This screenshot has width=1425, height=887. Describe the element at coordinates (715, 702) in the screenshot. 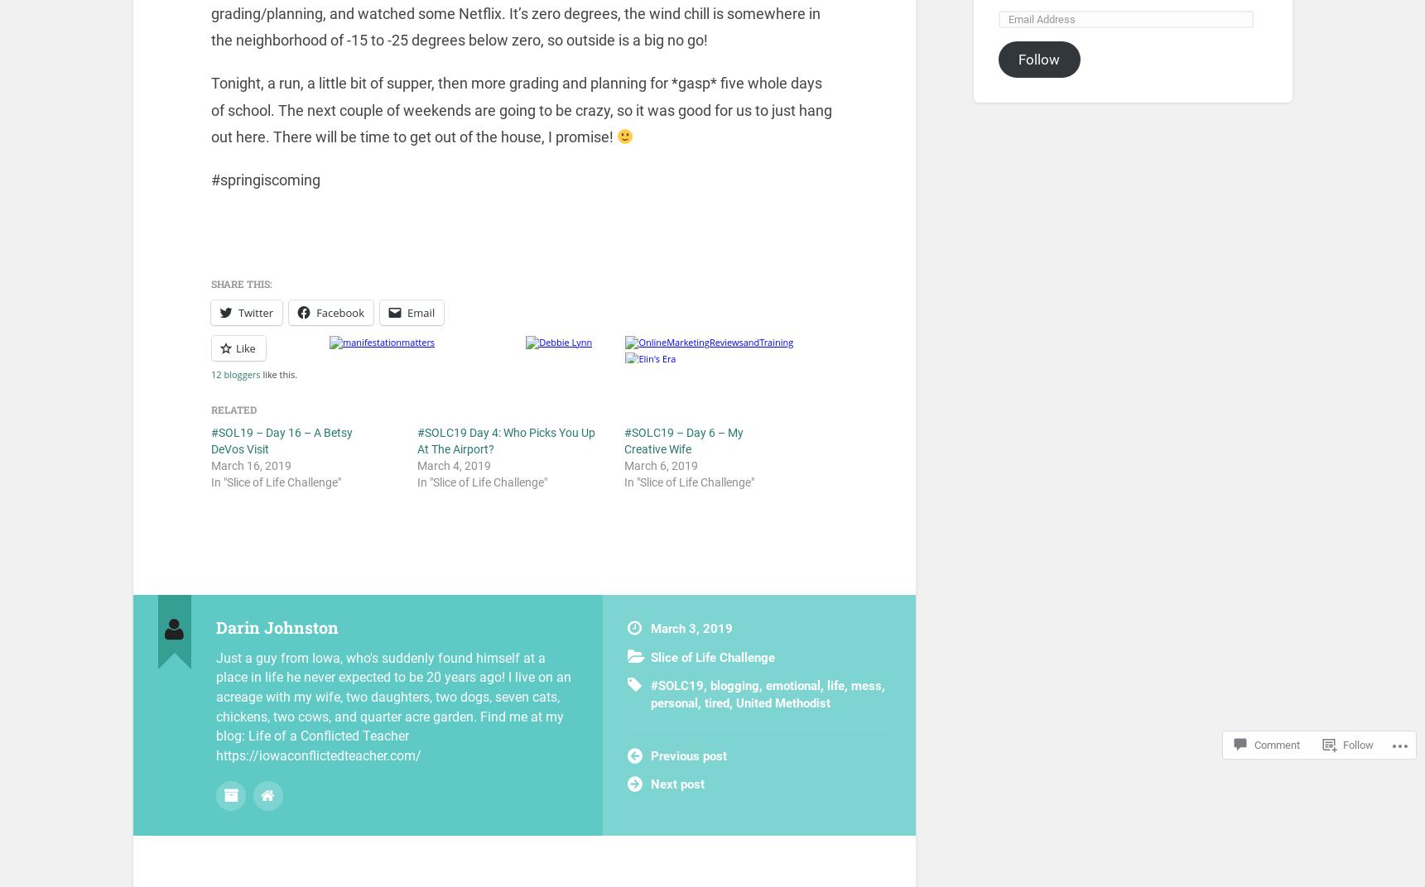

I see `'tired'` at that location.